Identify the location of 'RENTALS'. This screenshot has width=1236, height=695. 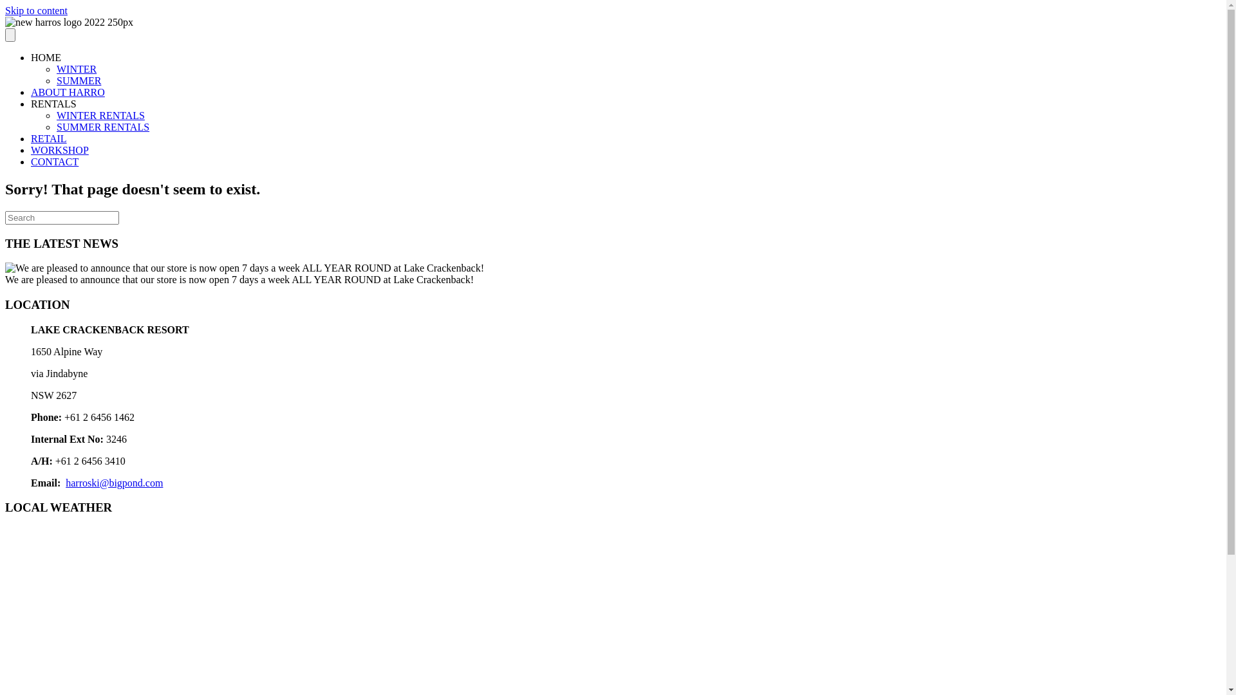
(53, 103).